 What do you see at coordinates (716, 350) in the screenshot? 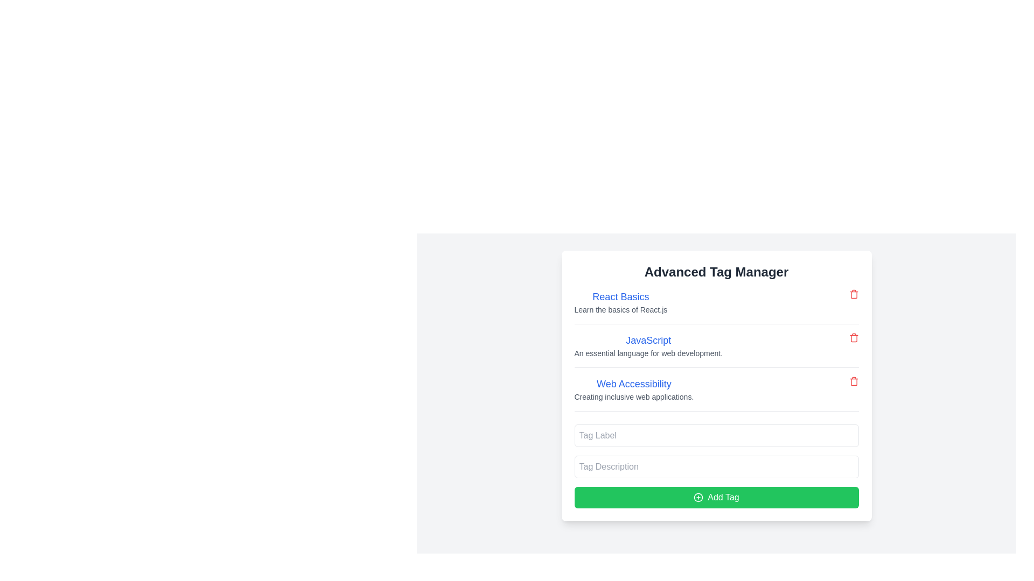
I see `the composite text block containing the title 'JavaScript' and subtitle 'An essential language for web development'` at bounding box center [716, 350].